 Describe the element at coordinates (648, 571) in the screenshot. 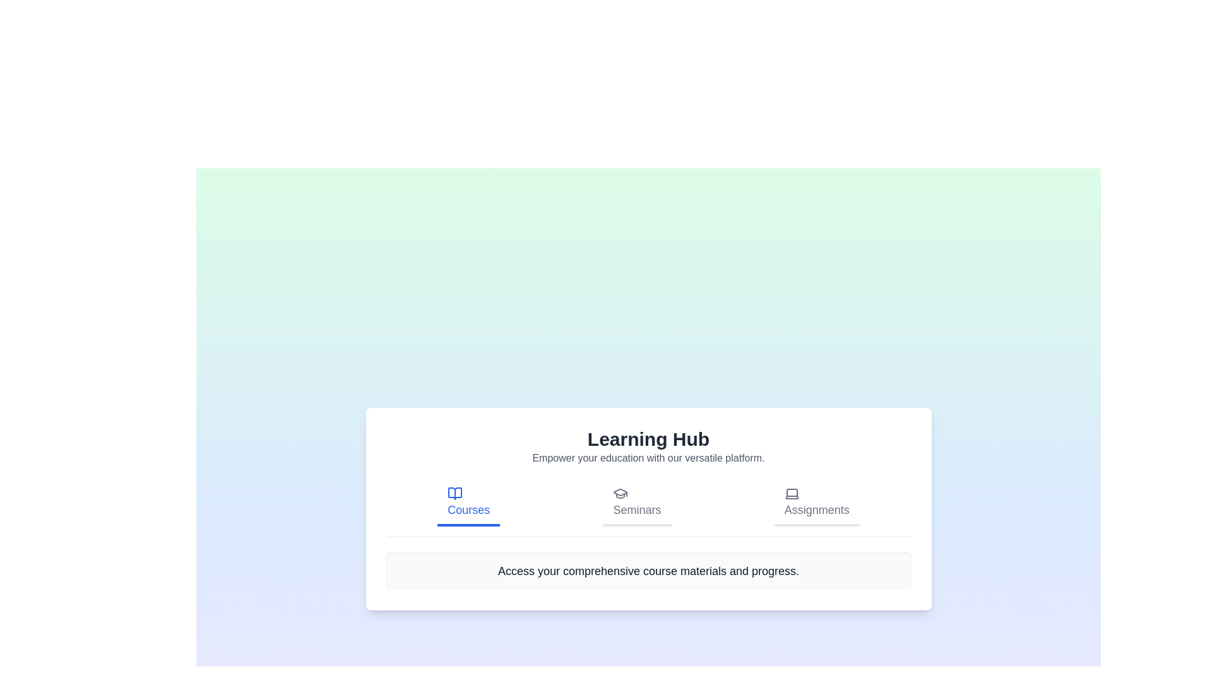

I see `the text box with a light gray background and rounded corners, containing the text 'Access your comprehensive course materials and progress.'` at that location.